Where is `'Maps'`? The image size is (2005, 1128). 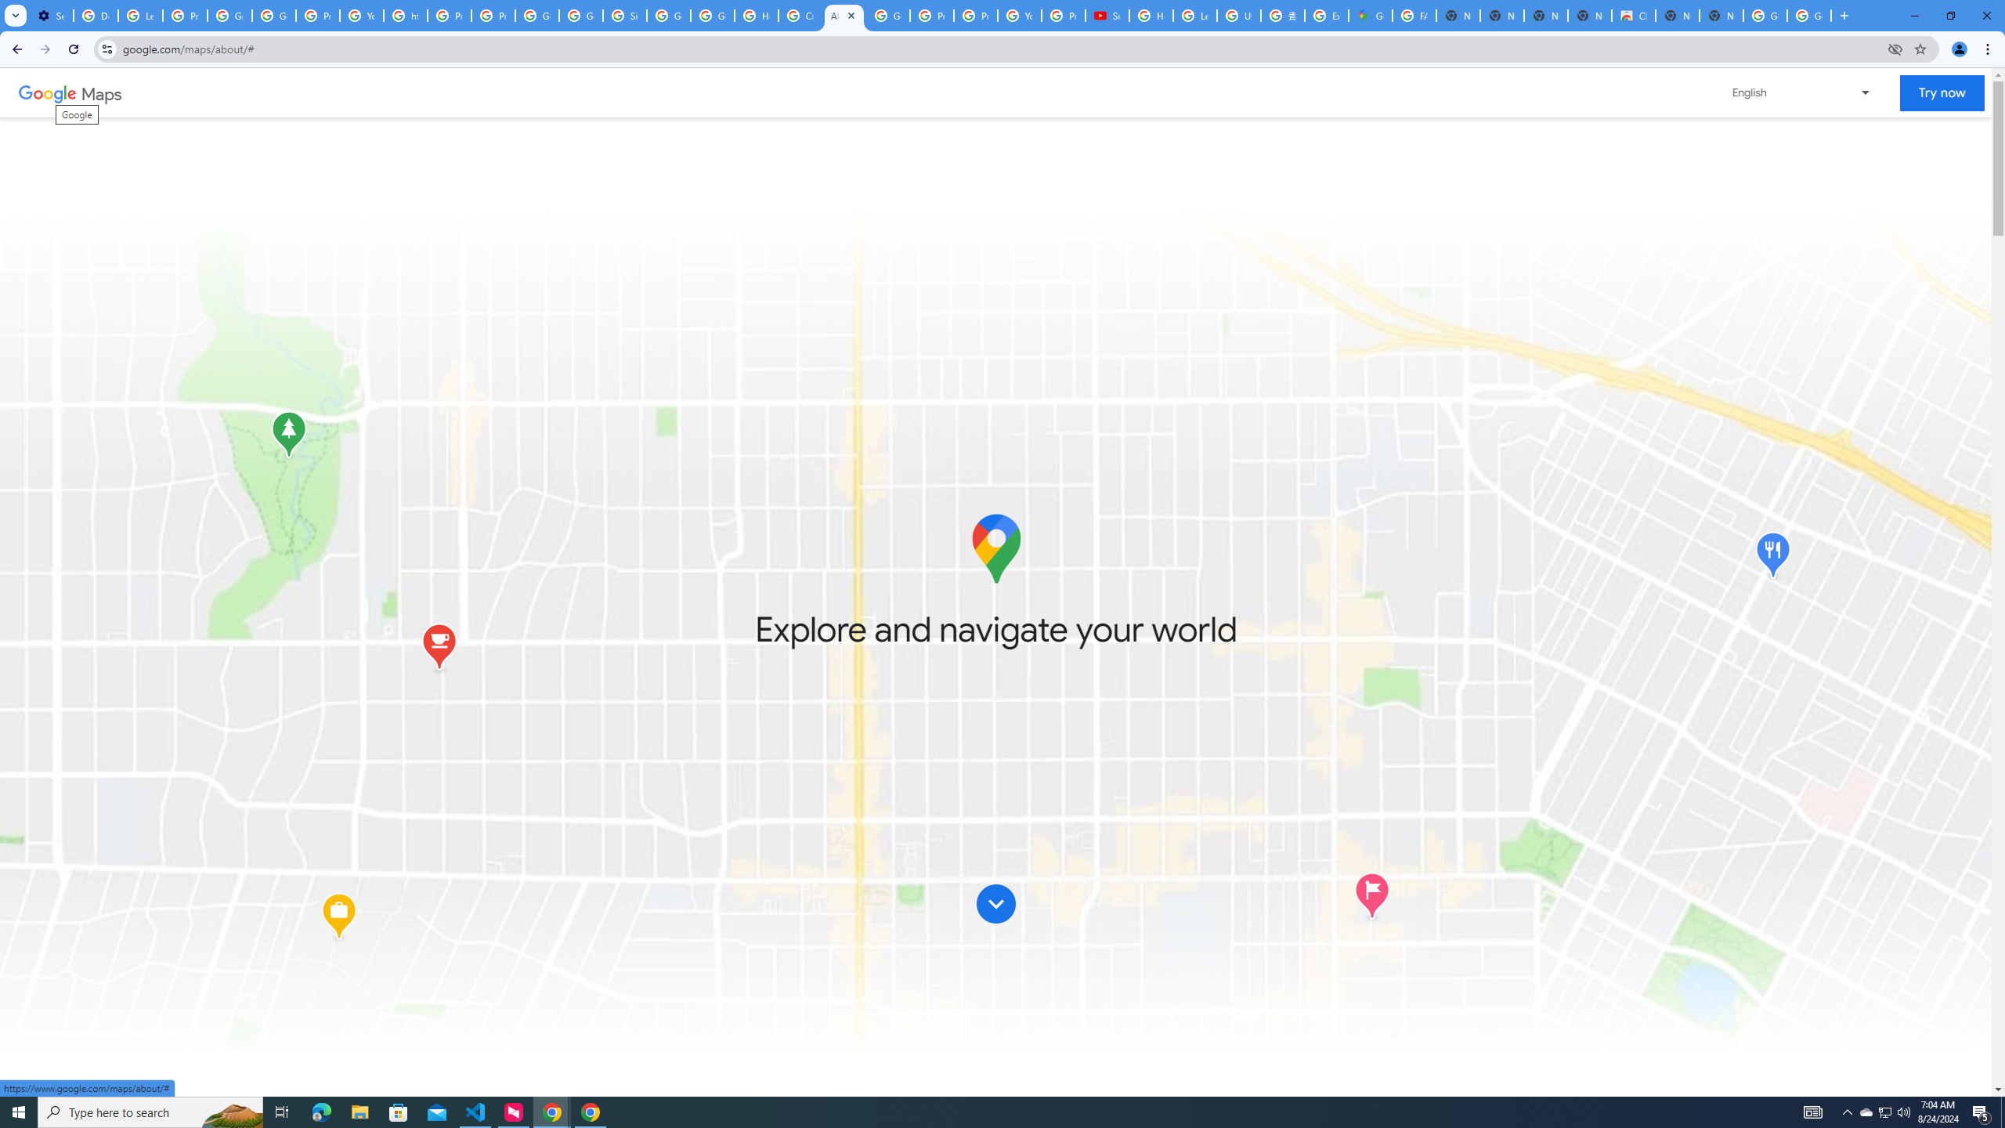 'Maps' is located at coordinates (102, 92).